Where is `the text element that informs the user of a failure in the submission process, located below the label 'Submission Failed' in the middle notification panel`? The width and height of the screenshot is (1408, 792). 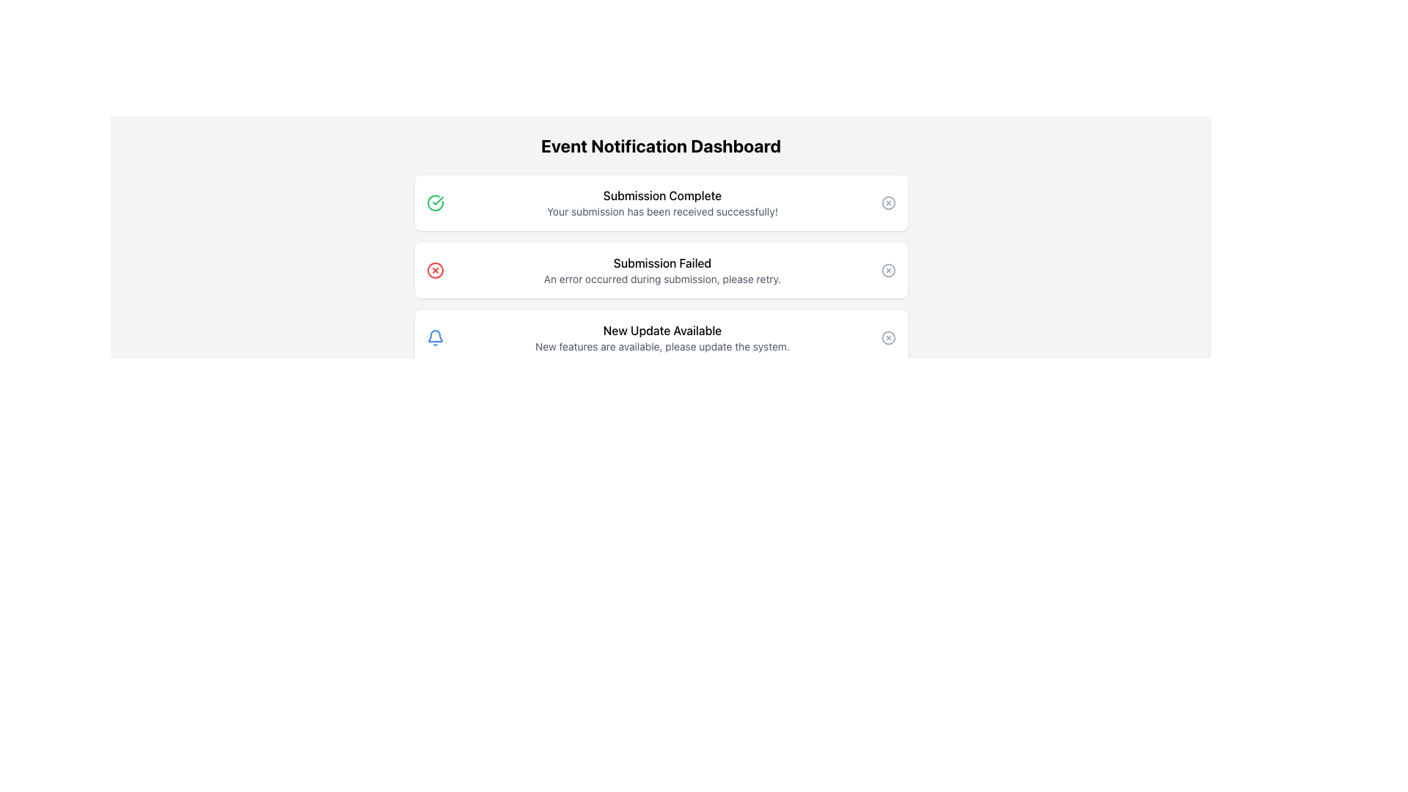
the text element that informs the user of a failure in the submission process, located below the label 'Submission Failed' in the middle notification panel is located at coordinates (661, 279).